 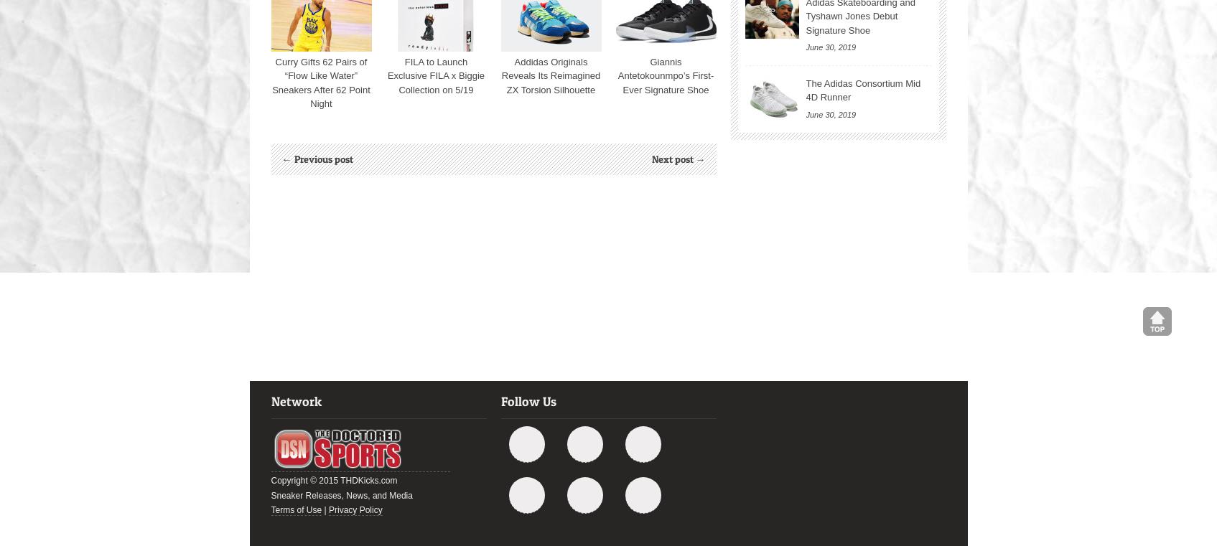 I want to click on '|', so click(x=325, y=510).